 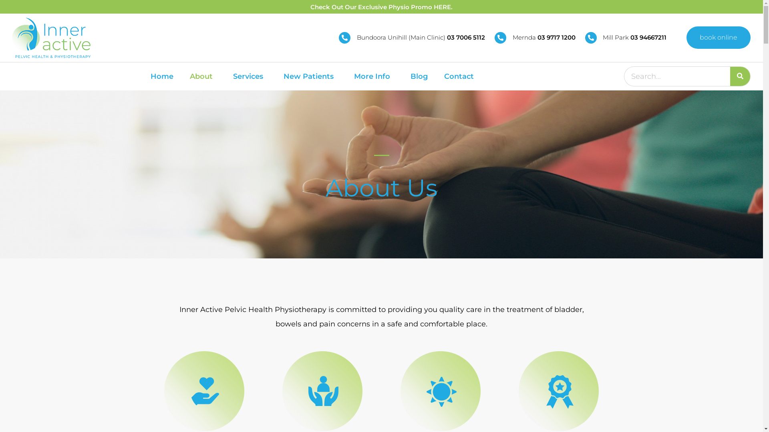 I want to click on 'Contact', so click(x=438, y=76).